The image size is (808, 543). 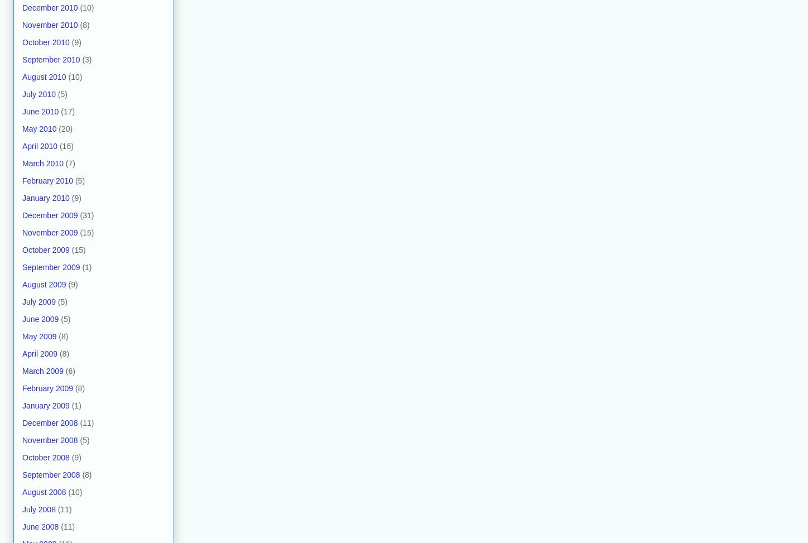 What do you see at coordinates (45, 196) in the screenshot?
I see `'January 2010'` at bounding box center [45, 196].